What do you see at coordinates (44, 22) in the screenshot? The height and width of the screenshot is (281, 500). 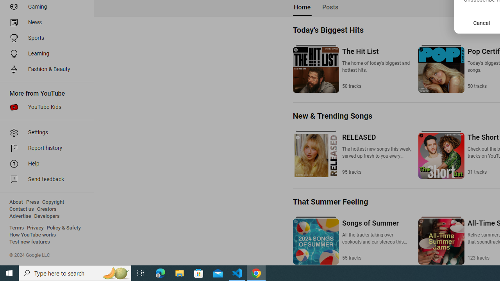 I see `'News'` at bounding box center [44, 22].